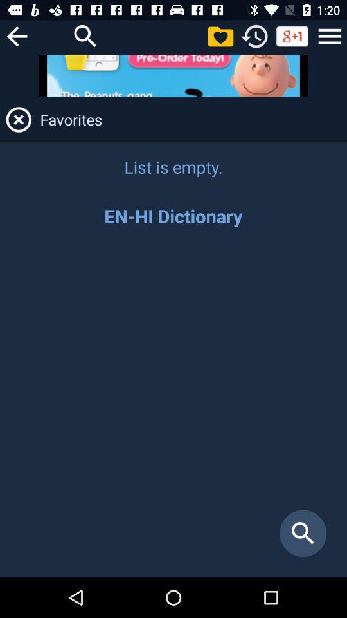  Describe the element at coordinates (85, 35) in the screenshot. I see `the search icon` at that location.